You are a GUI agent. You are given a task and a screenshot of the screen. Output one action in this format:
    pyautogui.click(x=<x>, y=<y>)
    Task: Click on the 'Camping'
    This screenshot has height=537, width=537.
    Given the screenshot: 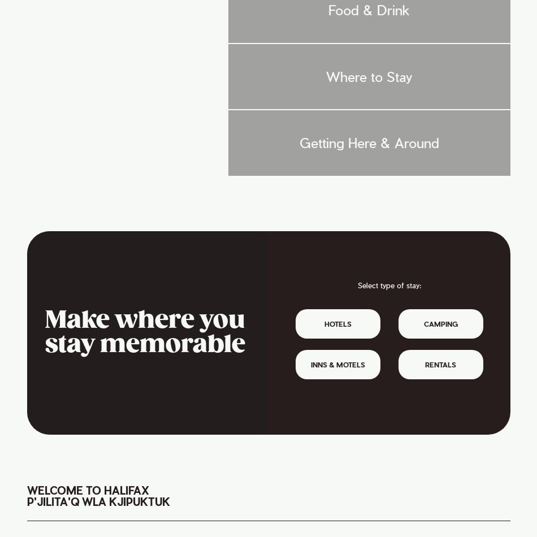 What is the action you would take?
    pyautogui.click(x=440, y=324)
    